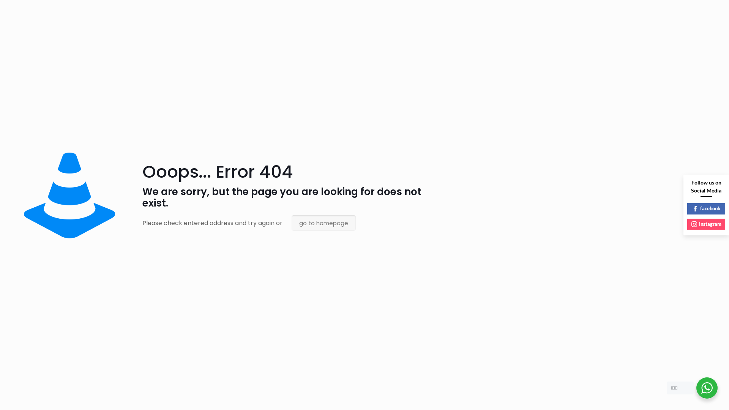 The width and height of the screenshot is (729, 410). Describe the element at coordinates (706, 224) in the screenshot. I see `'instagram'` at that location.